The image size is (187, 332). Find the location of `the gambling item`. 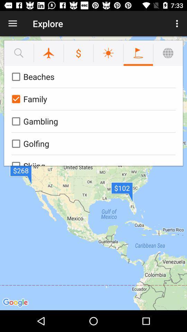

the gambling item is located at coordinates (92, 121).